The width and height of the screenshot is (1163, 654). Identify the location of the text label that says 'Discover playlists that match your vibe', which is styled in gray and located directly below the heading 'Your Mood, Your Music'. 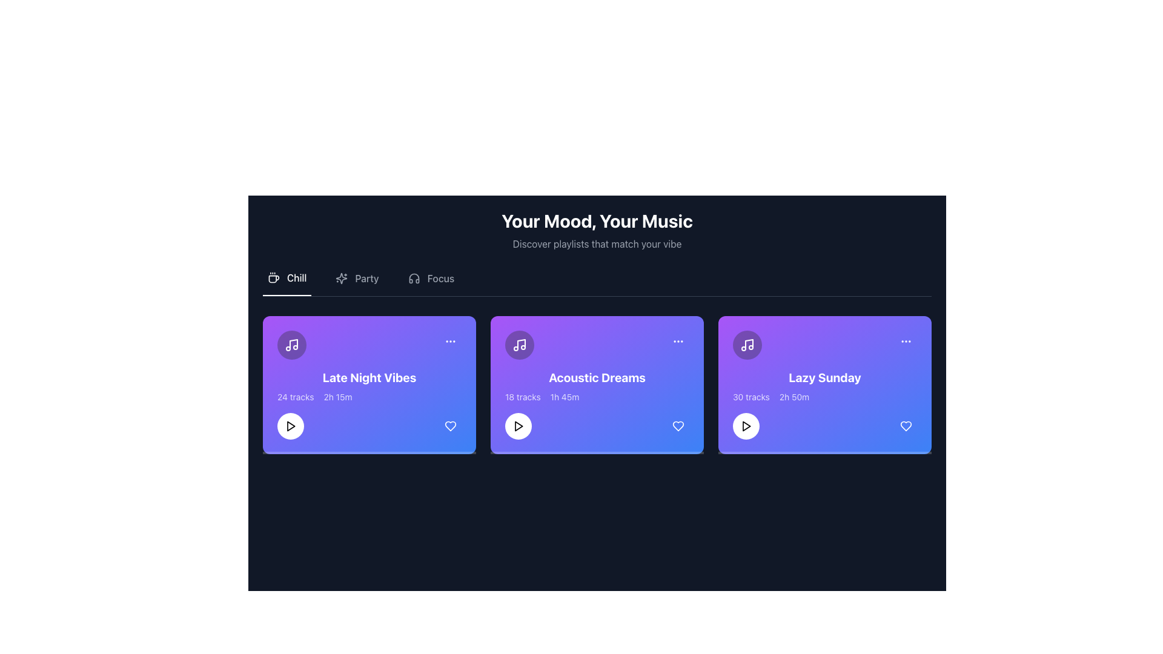
(597, 243).